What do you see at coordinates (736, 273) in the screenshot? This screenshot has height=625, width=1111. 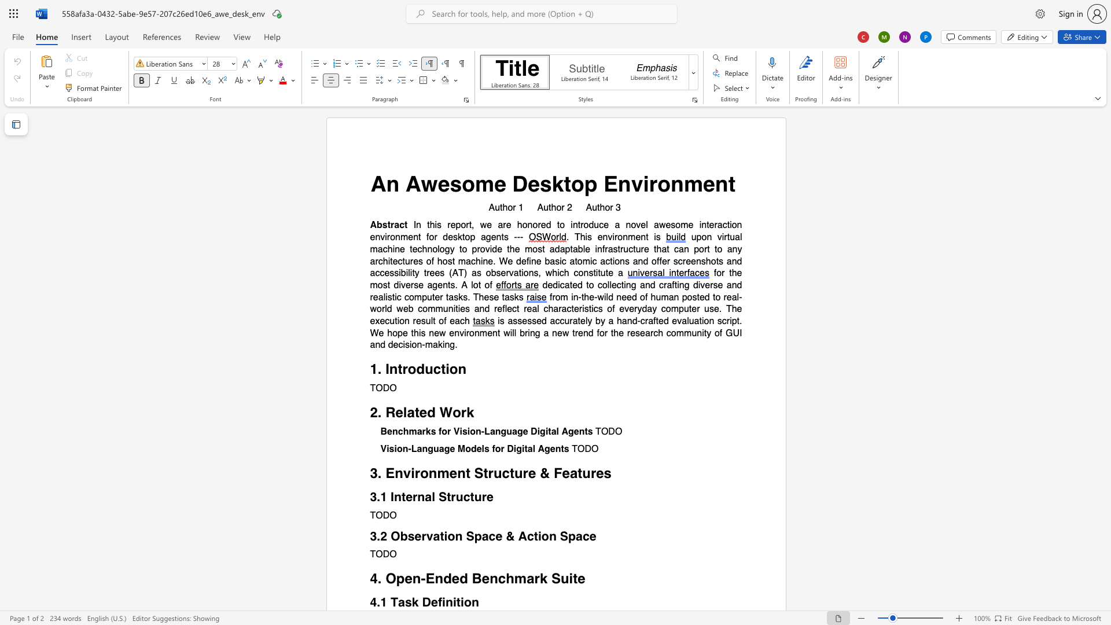 I see `the subset text "e most diverse a" within the text "for the most diverse agents. A lot of"` at bounding box center [736, 273].